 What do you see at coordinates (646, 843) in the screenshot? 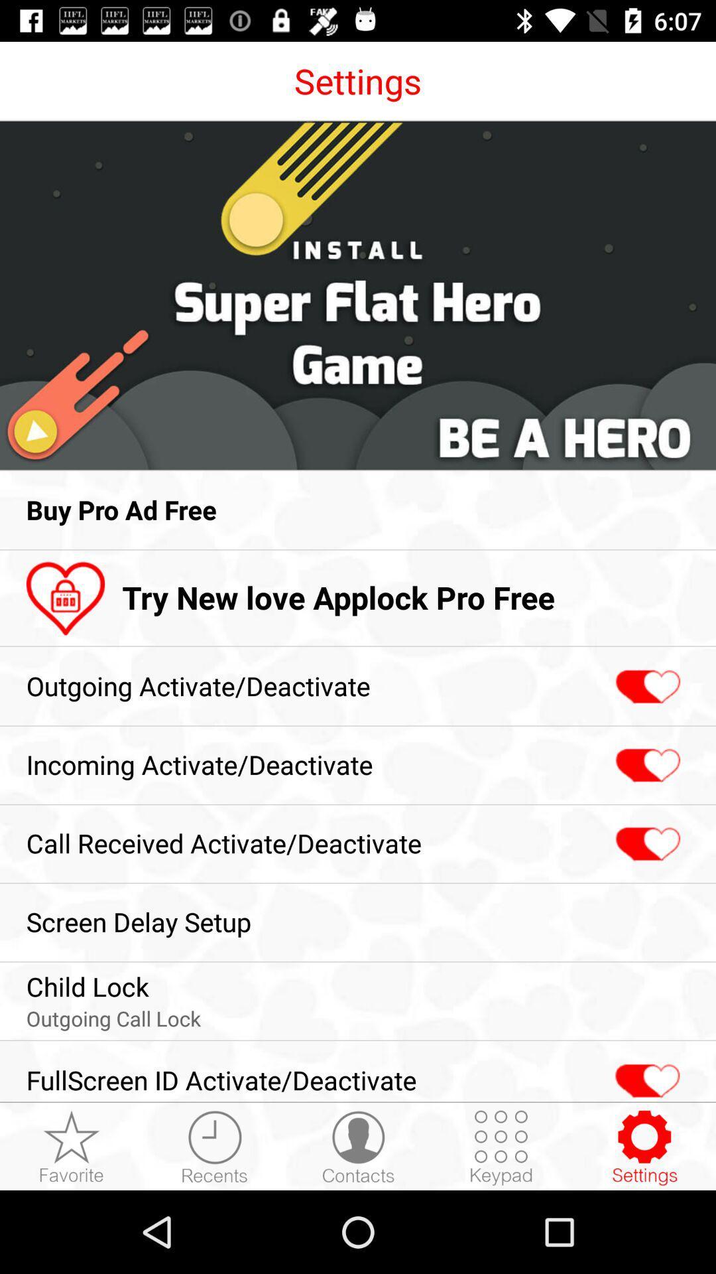
I see `call received` at bounding box center [646, 843].